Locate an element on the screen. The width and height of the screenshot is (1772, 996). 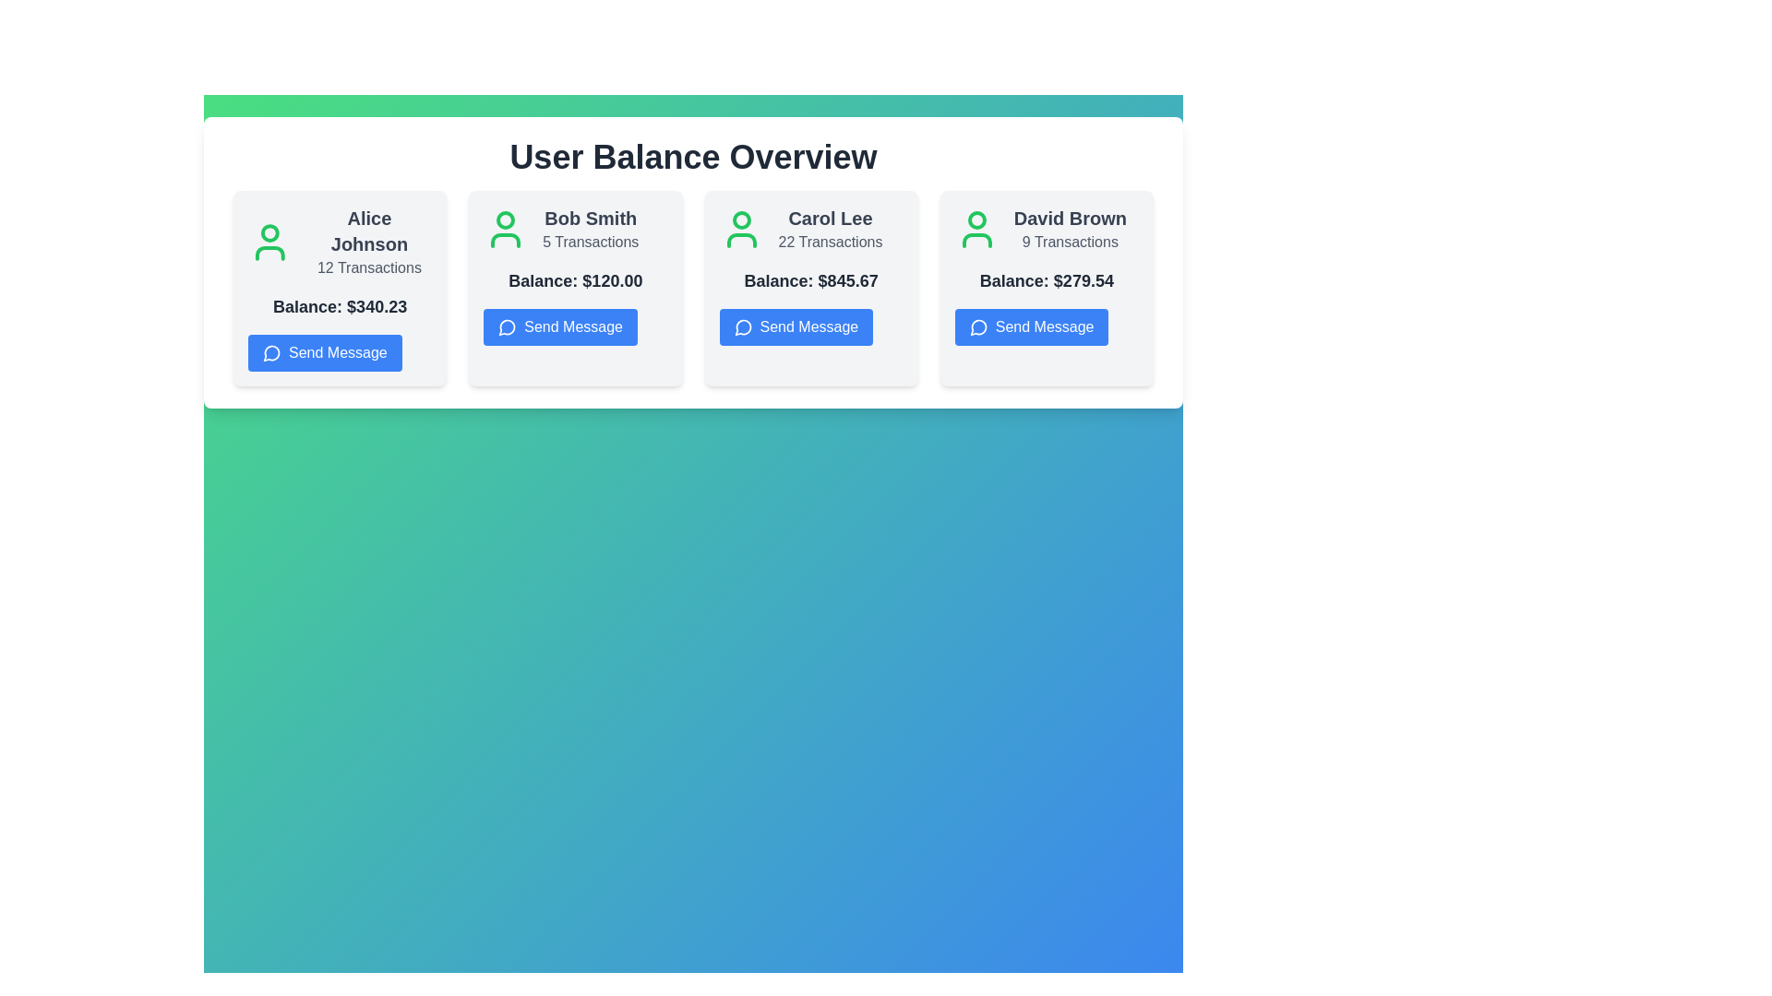
the decorative circle within the SVG representation of the user avatar icon for 'Carol Lee', located on the third card in the 'User Balance Overview' layout is located at coordinates (741, 219).